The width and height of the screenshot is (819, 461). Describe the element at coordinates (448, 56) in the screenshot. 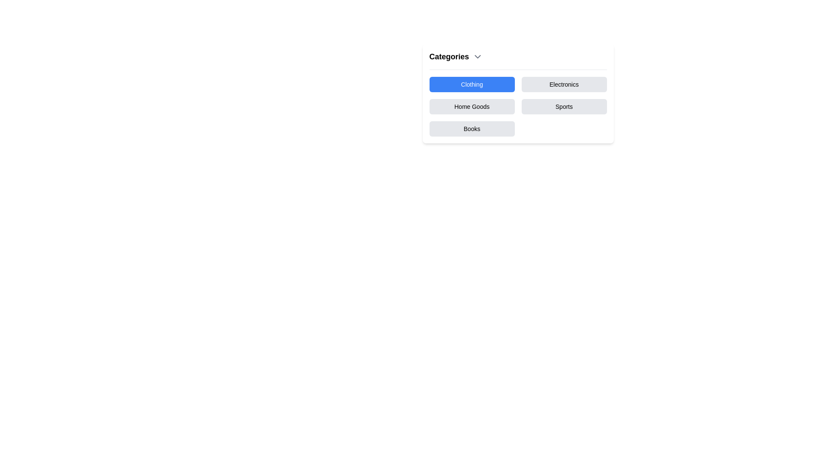

I see `label located at the top-left corner of the dropdown section, which indicates the purpose of the category selector` at that location.